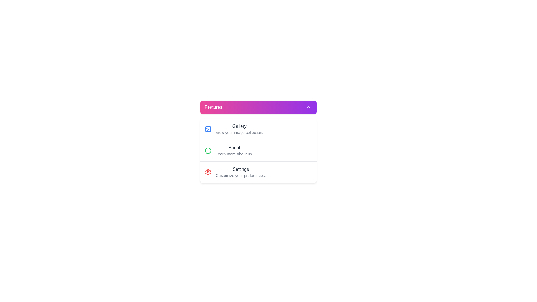 This screenshot has height=302, width=537. Describe the element at coordinates (241, 172) in the screenshot. I see `the 'Settings' text label in the menu, which is styled in bold and accompanied by a red settings icon to its left` at that location.